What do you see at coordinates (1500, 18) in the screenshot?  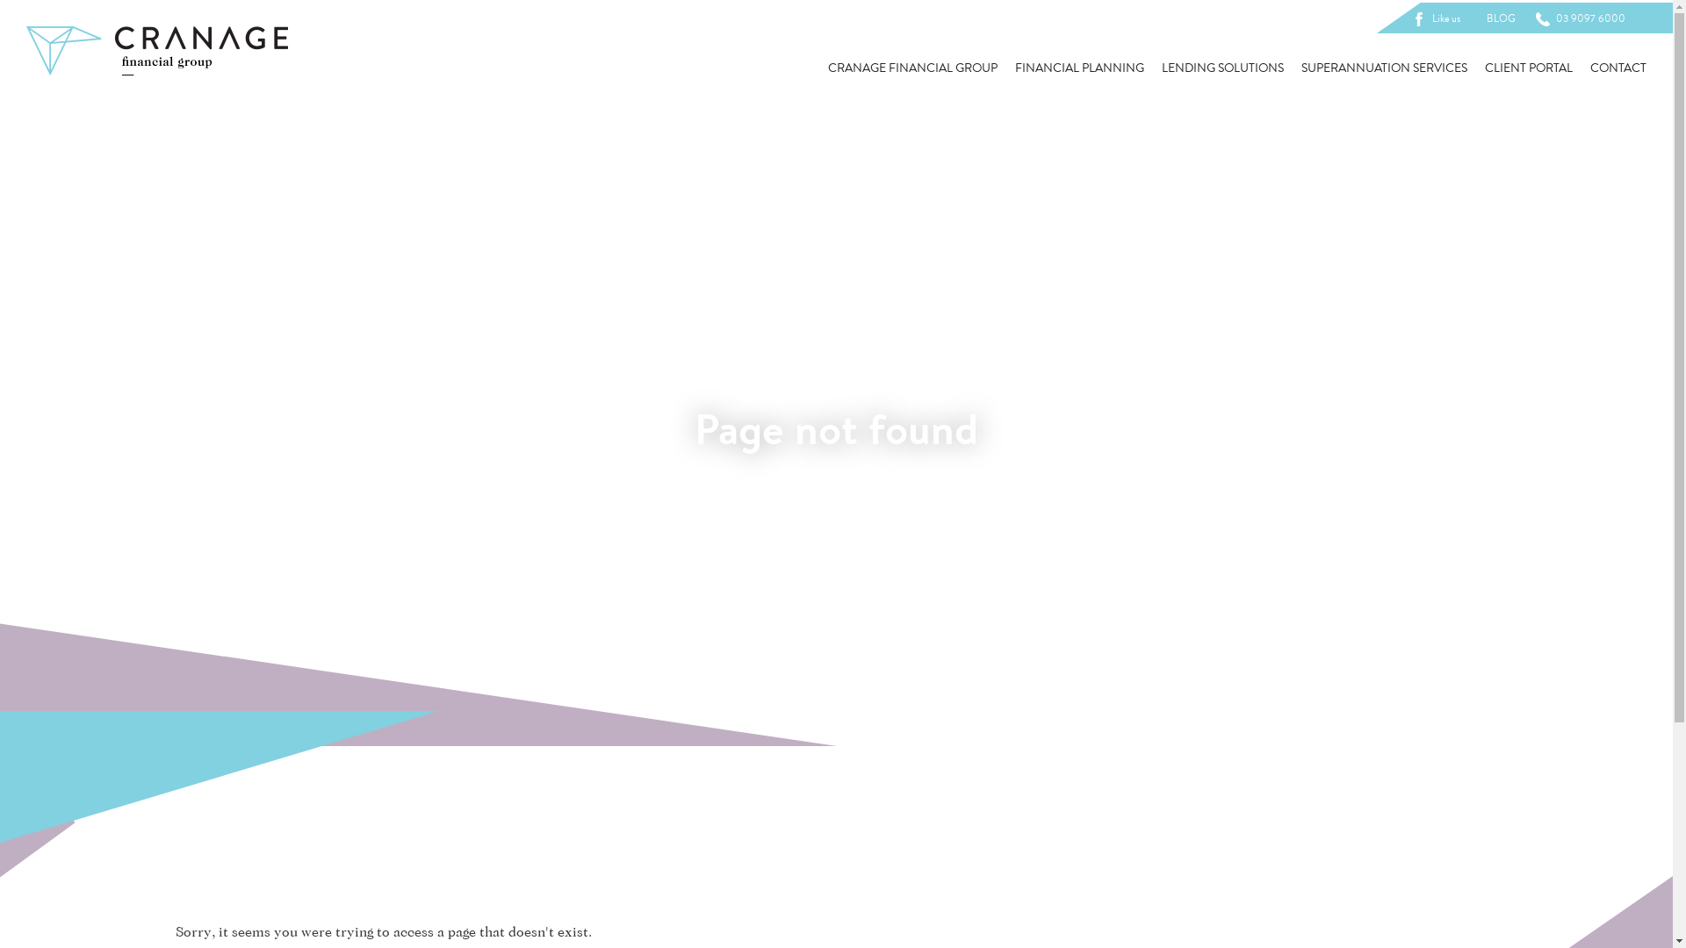 I see `'BLOG'` at bounding box center [1500, 18].